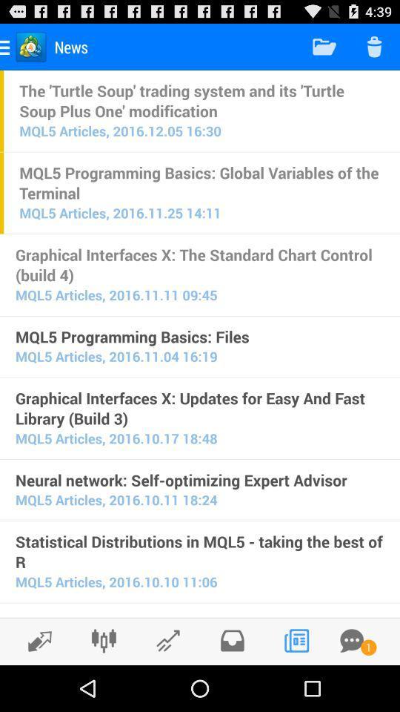  Describe the element at coordinates (351, 640) in the screenshot. I see `open messages` at that location.